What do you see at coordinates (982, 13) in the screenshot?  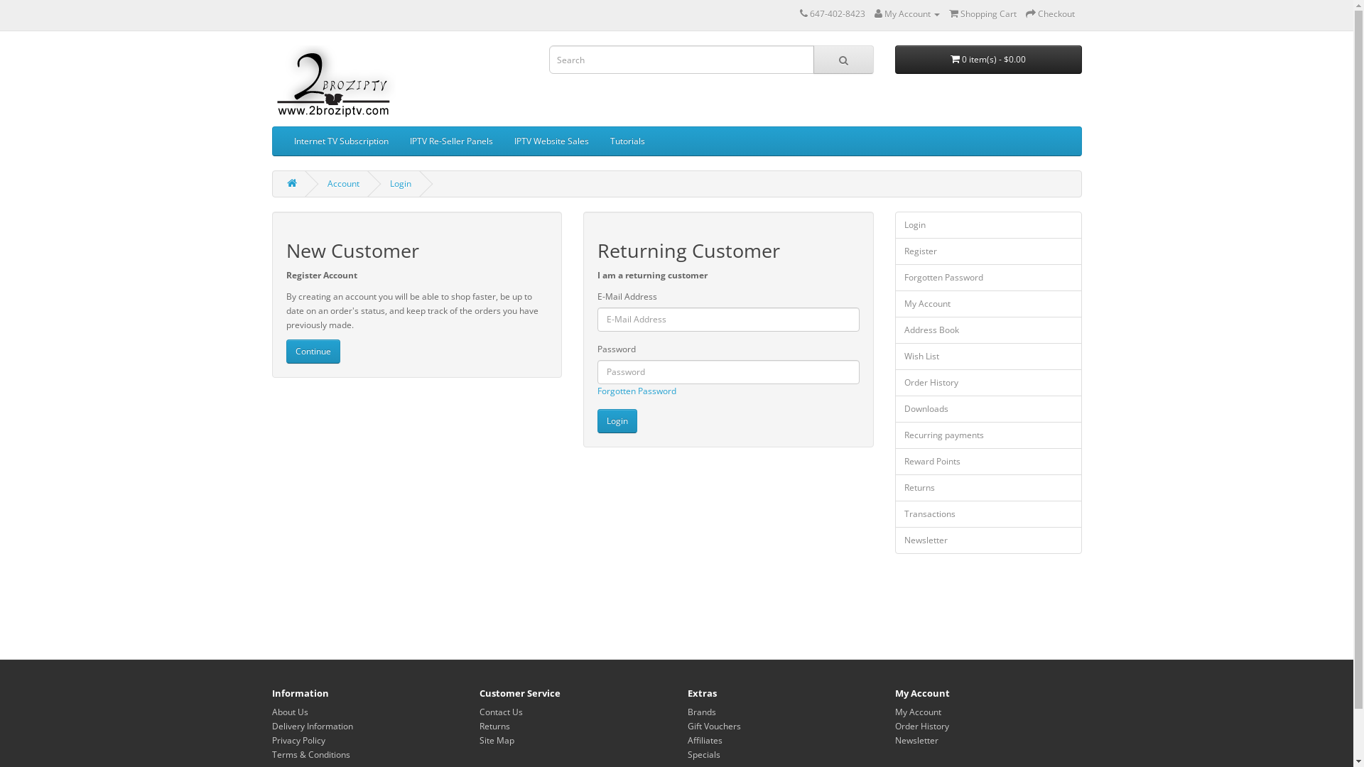 I see `'Shopping Cart'` at bounding box center [982, 13].